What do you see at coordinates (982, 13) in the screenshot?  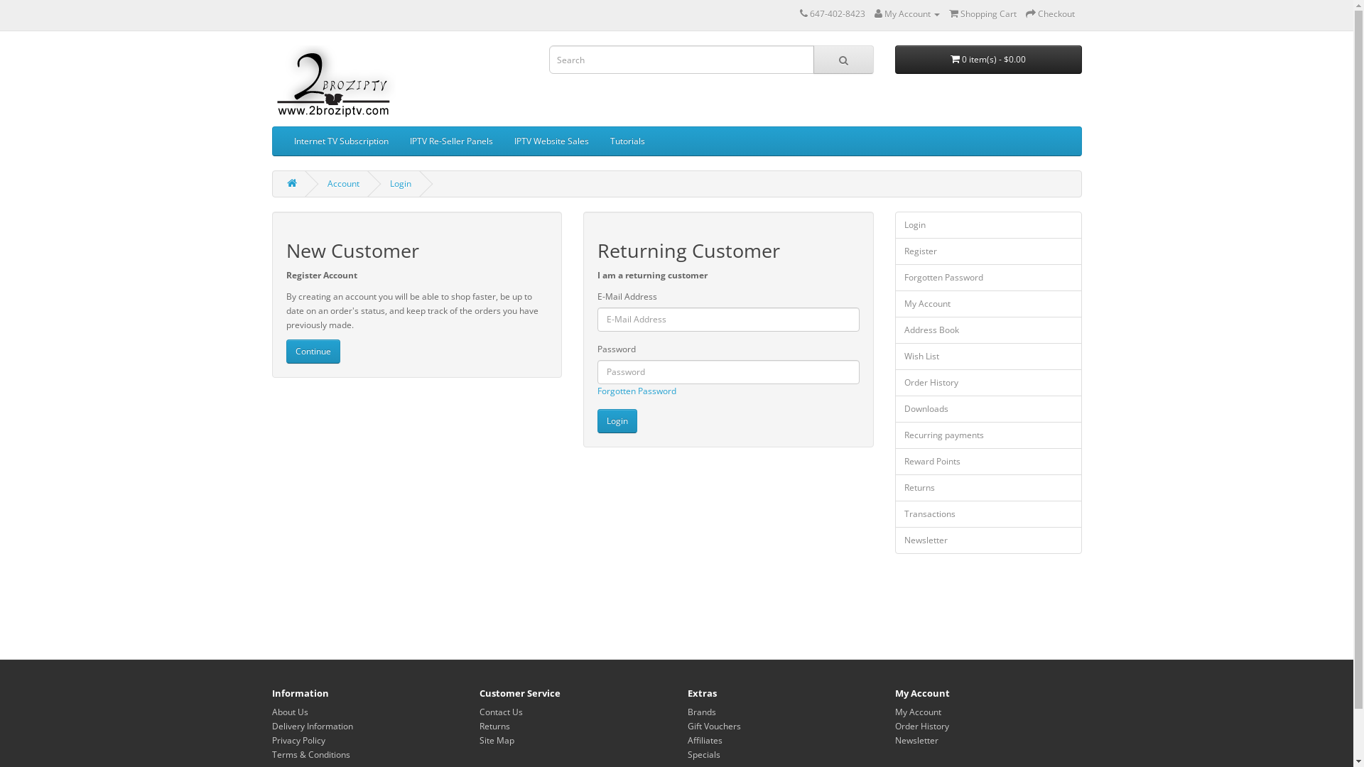 I see `'Shopping Cart'` at bounding box center [982, 13].